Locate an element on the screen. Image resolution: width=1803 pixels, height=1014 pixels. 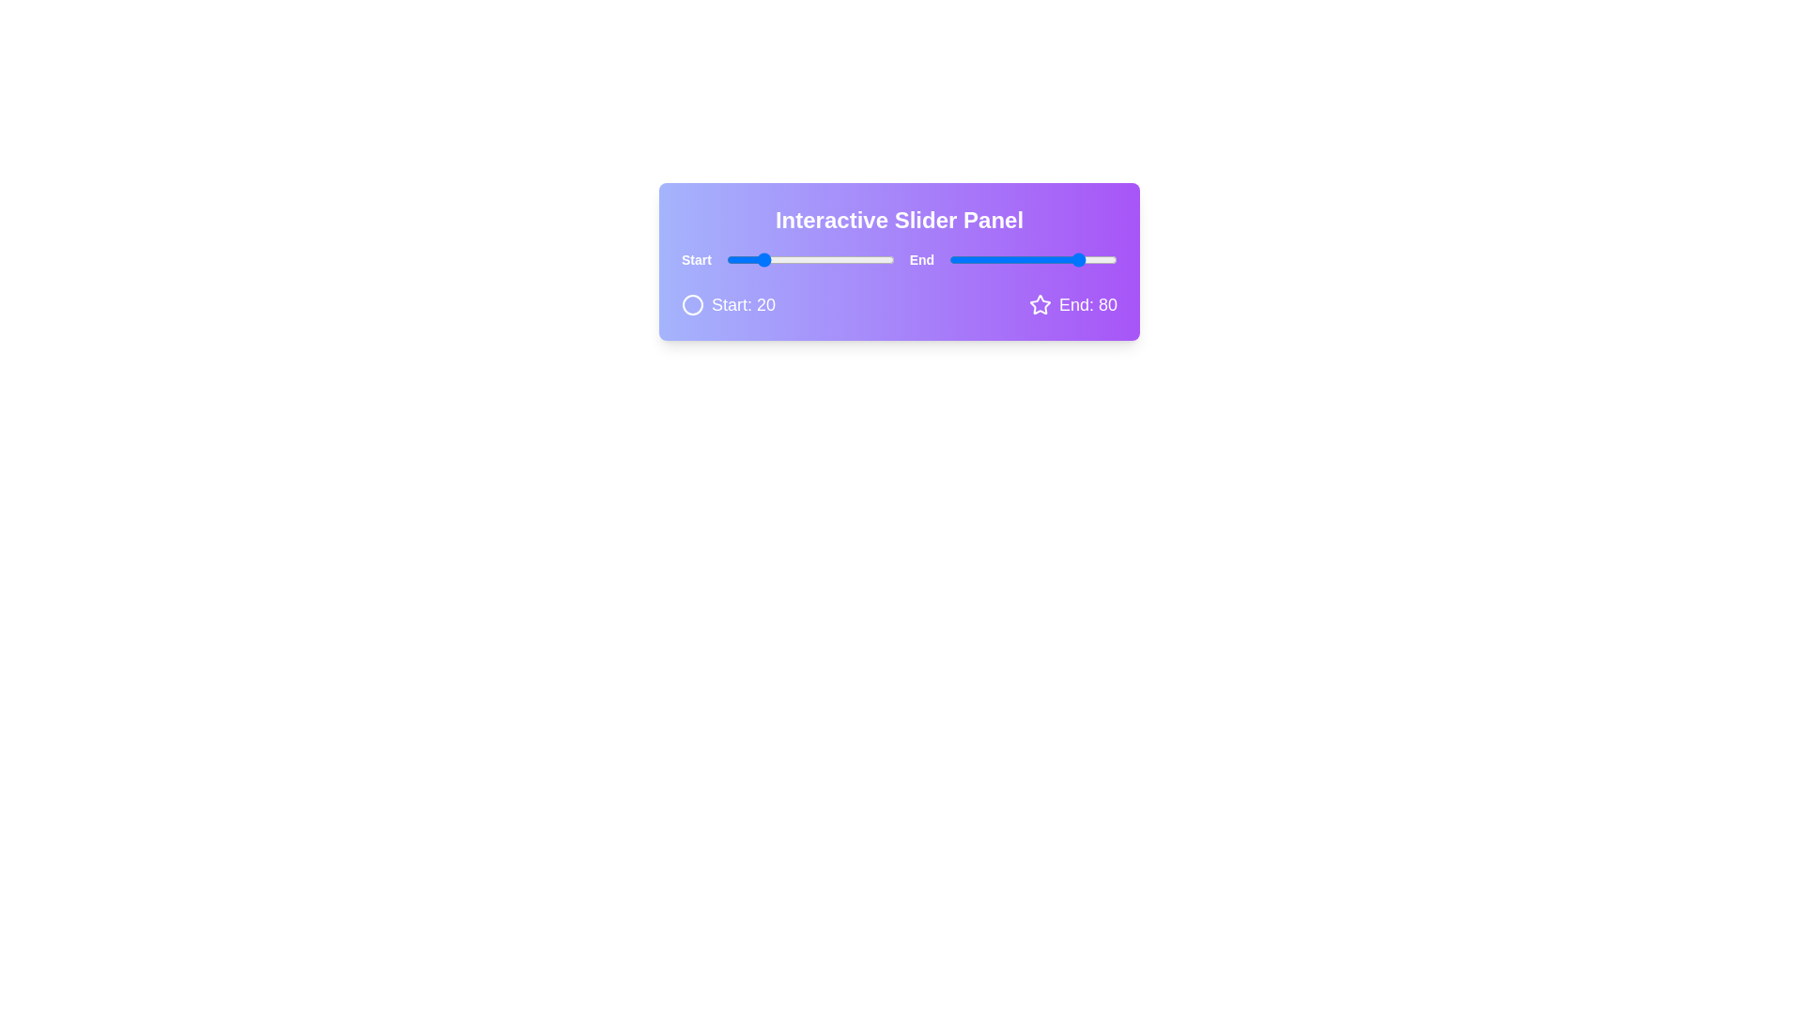
the handle of the second slider in the 'Interactive Slider Panel' is located at coordinates (1032, 260).